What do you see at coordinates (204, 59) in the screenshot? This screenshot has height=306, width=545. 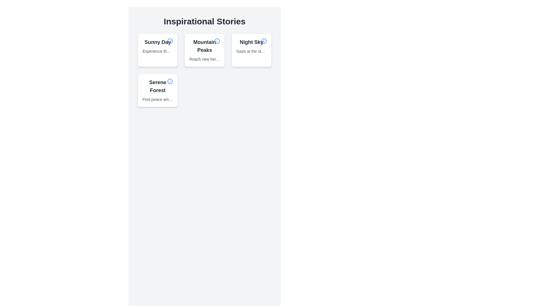 I see `the text content element located in the second card of the grid layout under the heading 'Mountain Peaks', which provides a brief preview or description enticing the user` at bounding box center [204, 59].